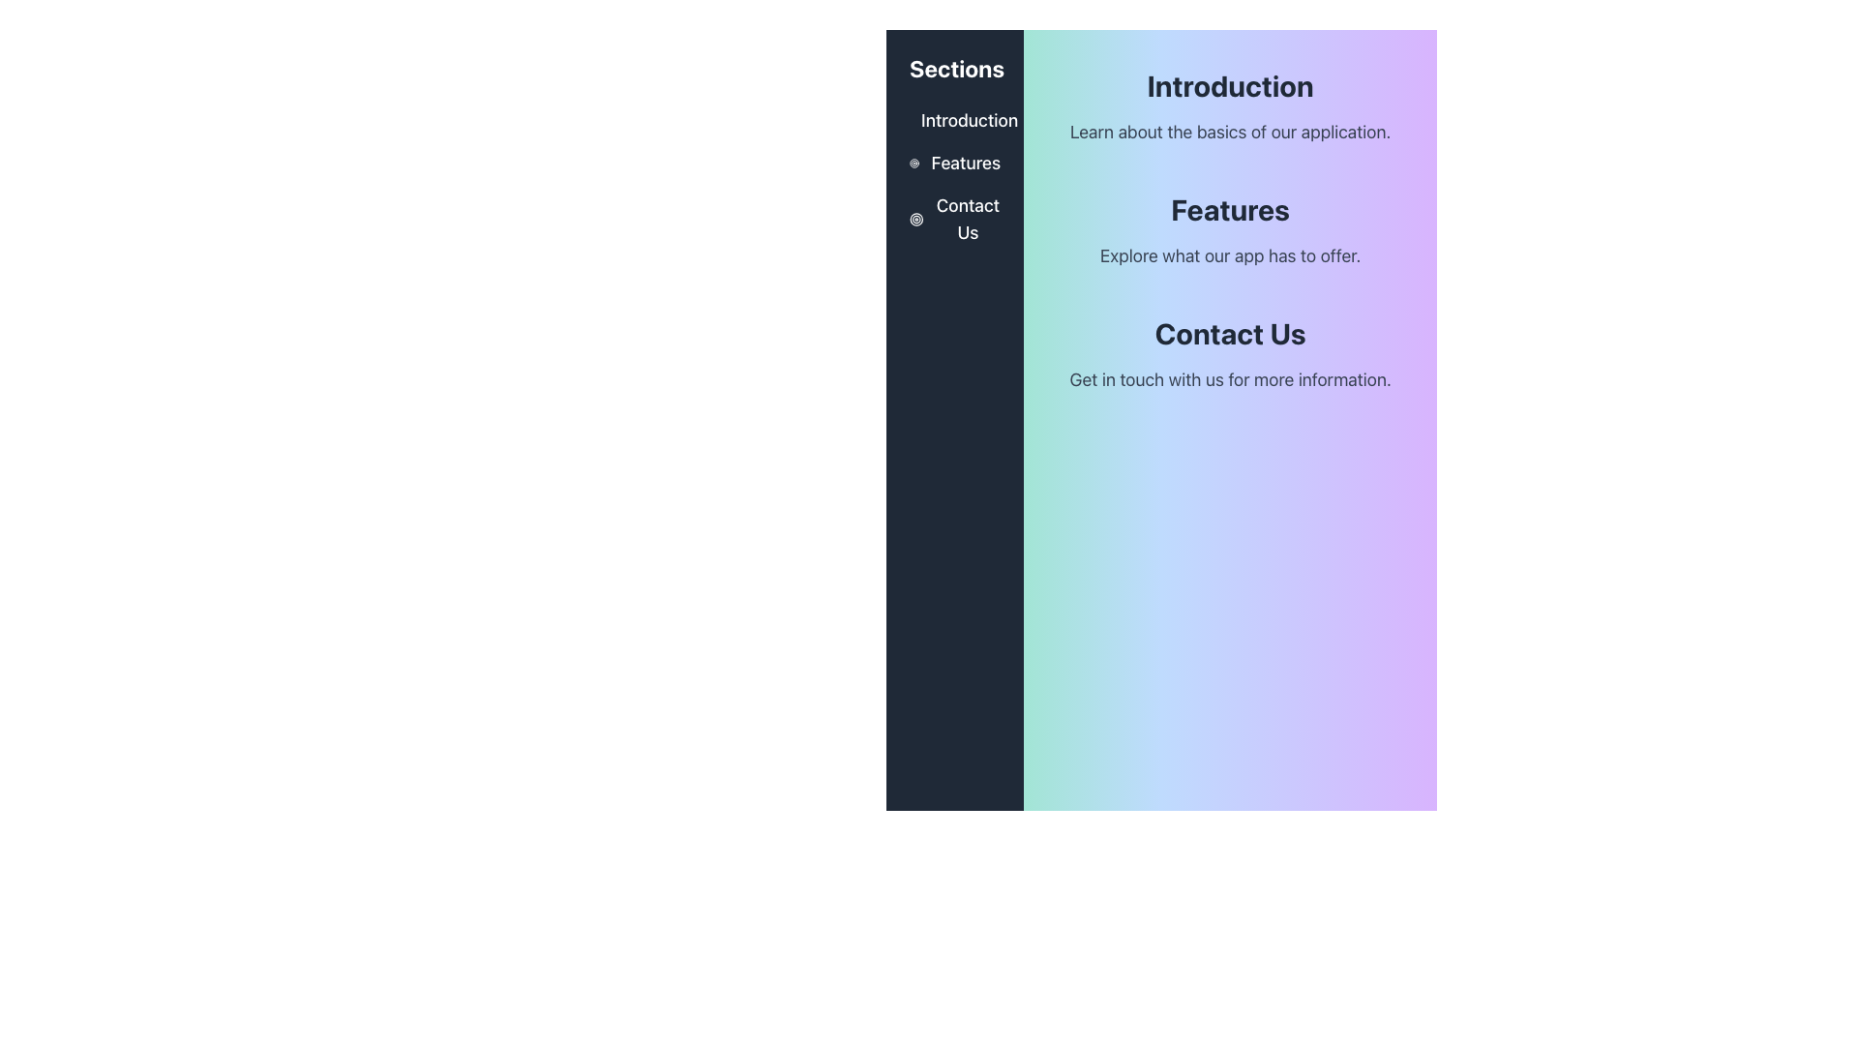 This screenshot has width=1858, height=1045. What do you see at coordinates (914, 163) in the screenshot?
I see `the decorative icon located in the navigation column under the 'Sections' section, positioned directly to the left of the 'Features' text` at bounding box center [914, 163].